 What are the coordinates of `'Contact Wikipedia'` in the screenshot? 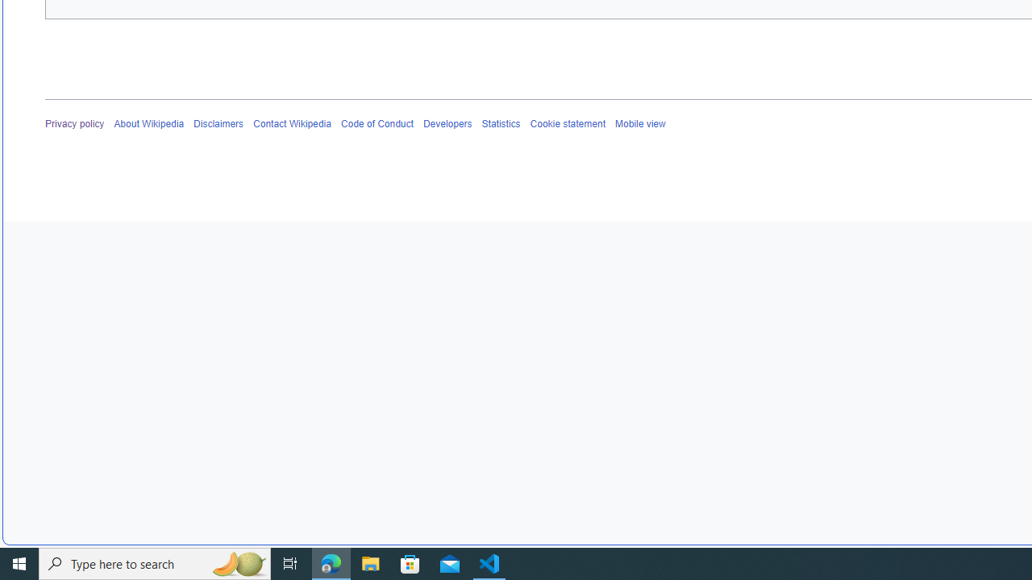 It's located at (292, 123).